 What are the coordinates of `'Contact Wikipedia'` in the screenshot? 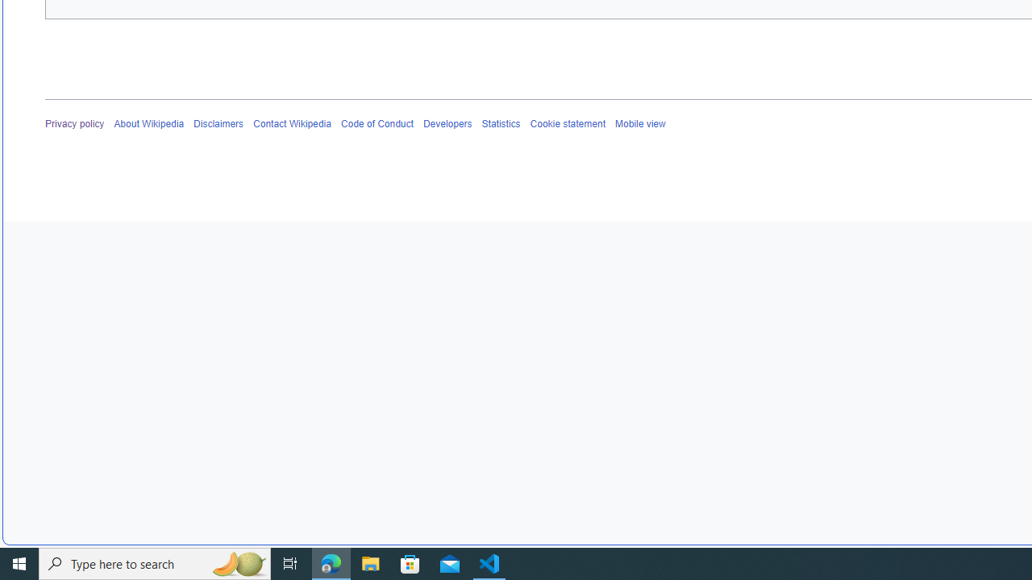 It's located at (292, 123).